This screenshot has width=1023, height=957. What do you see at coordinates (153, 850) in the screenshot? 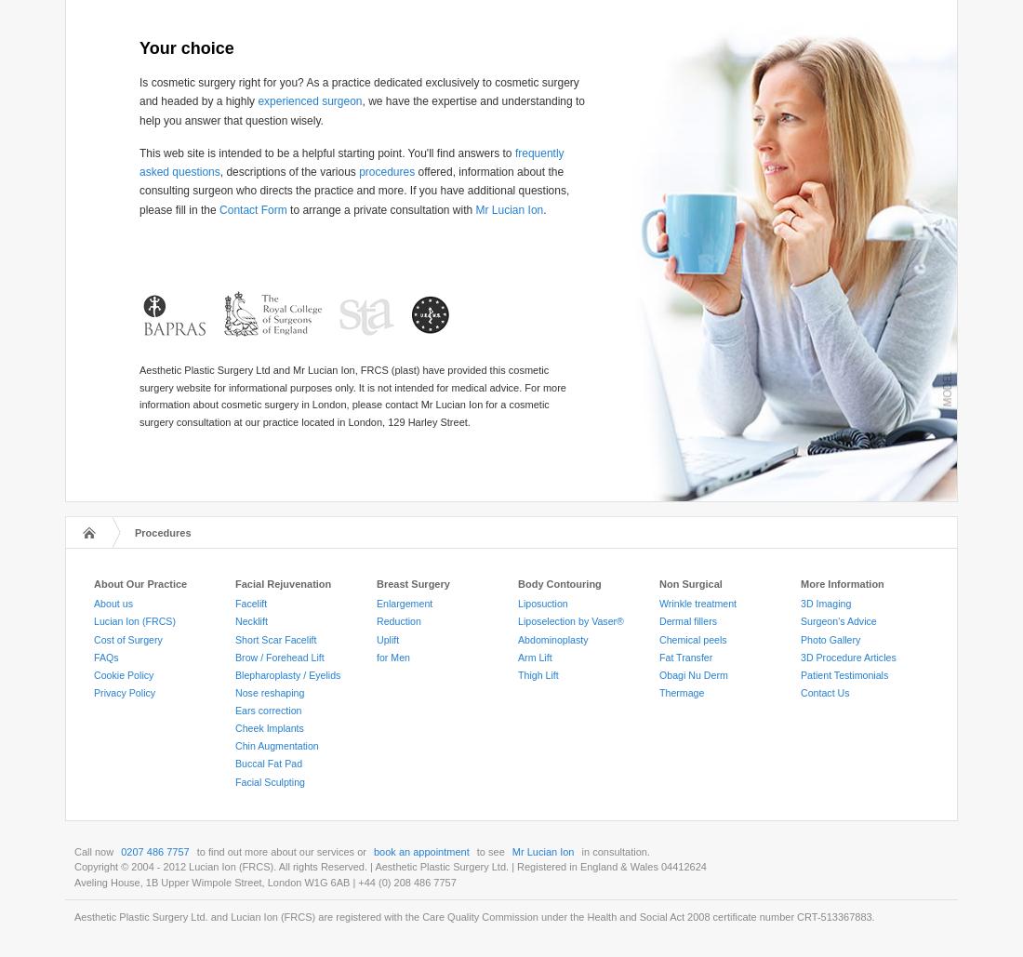
I see `'0207 486 7757'` at bounding box center [153, 850].